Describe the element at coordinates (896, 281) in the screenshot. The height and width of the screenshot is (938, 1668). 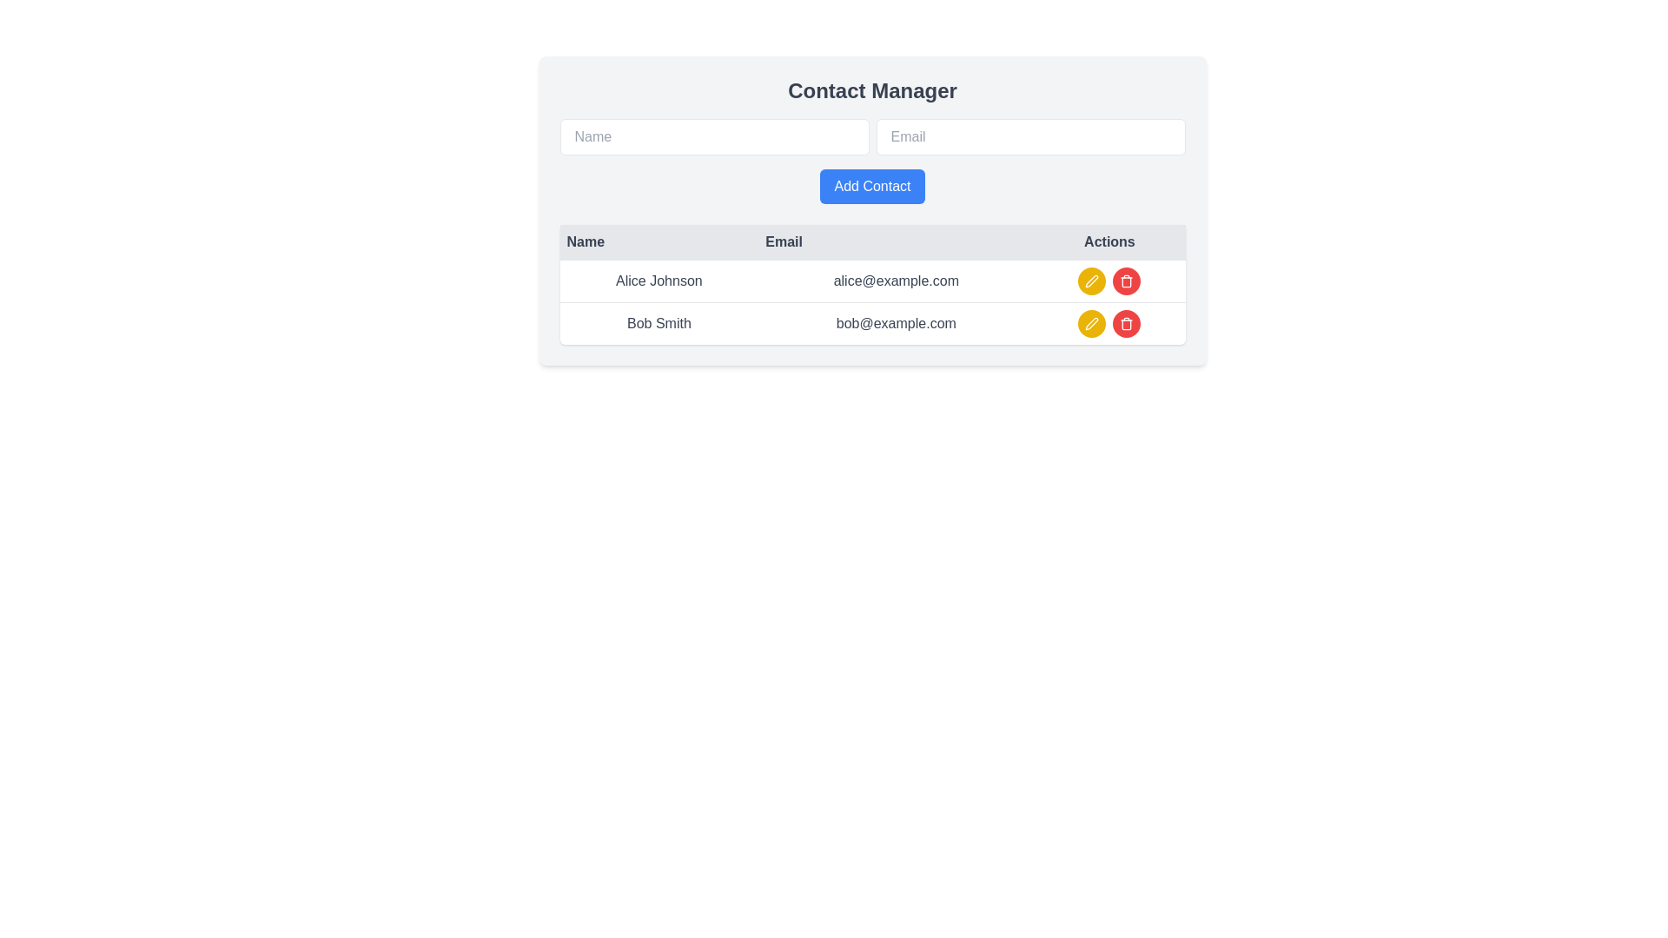
I see `the email text 'alice@example.com' located in the second column of the row for 'Alice Johnson' in the table` at that location.